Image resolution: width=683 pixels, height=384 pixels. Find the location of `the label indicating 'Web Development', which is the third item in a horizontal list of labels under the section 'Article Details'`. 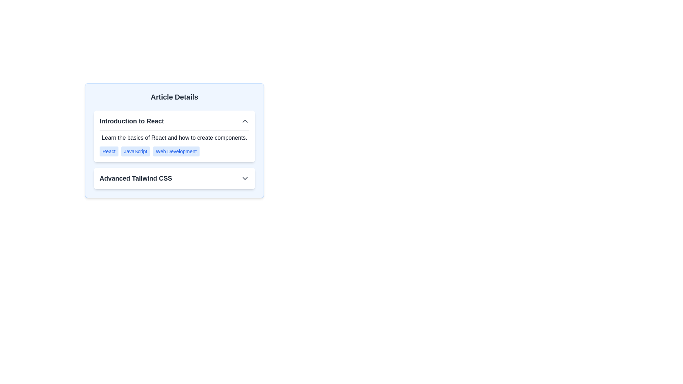

the label indicating 'Web Development', which is the third item in a horizontal list of labels under the section 'Article Details' is located at coordinates (176, 151).